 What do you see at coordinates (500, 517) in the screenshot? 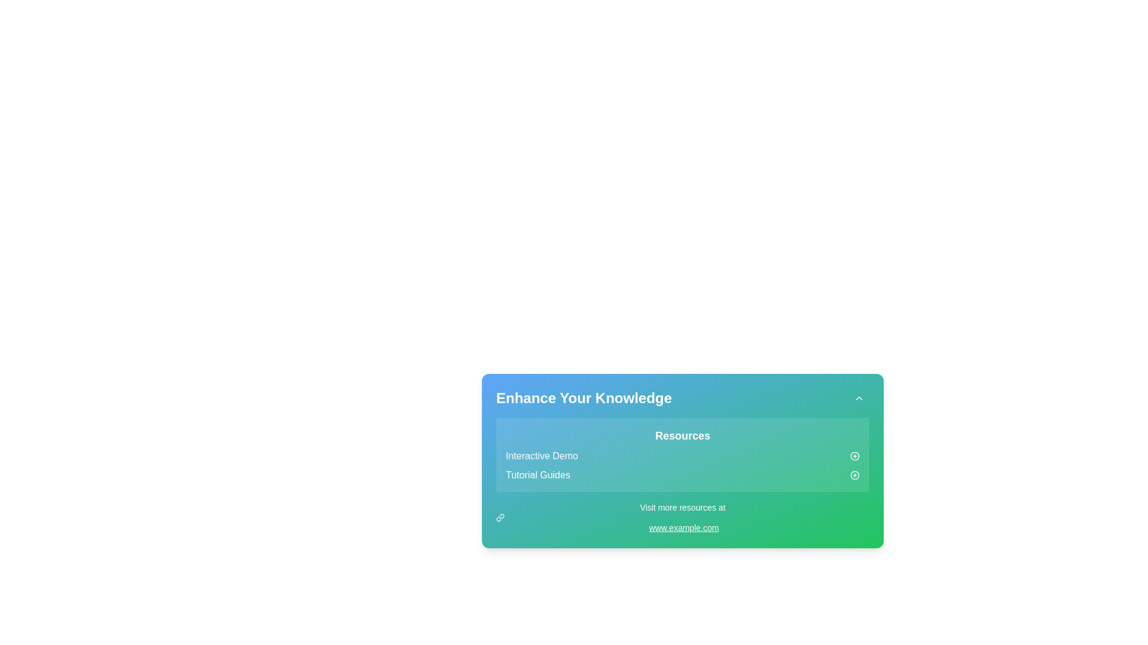
I see `the connectivity icon (SVG) located at the bottom left of the 'Enhance Your Knowledge' card, positioned near the text 'Visit more resources at www.example.com.'` at bounding box center [500, 517].